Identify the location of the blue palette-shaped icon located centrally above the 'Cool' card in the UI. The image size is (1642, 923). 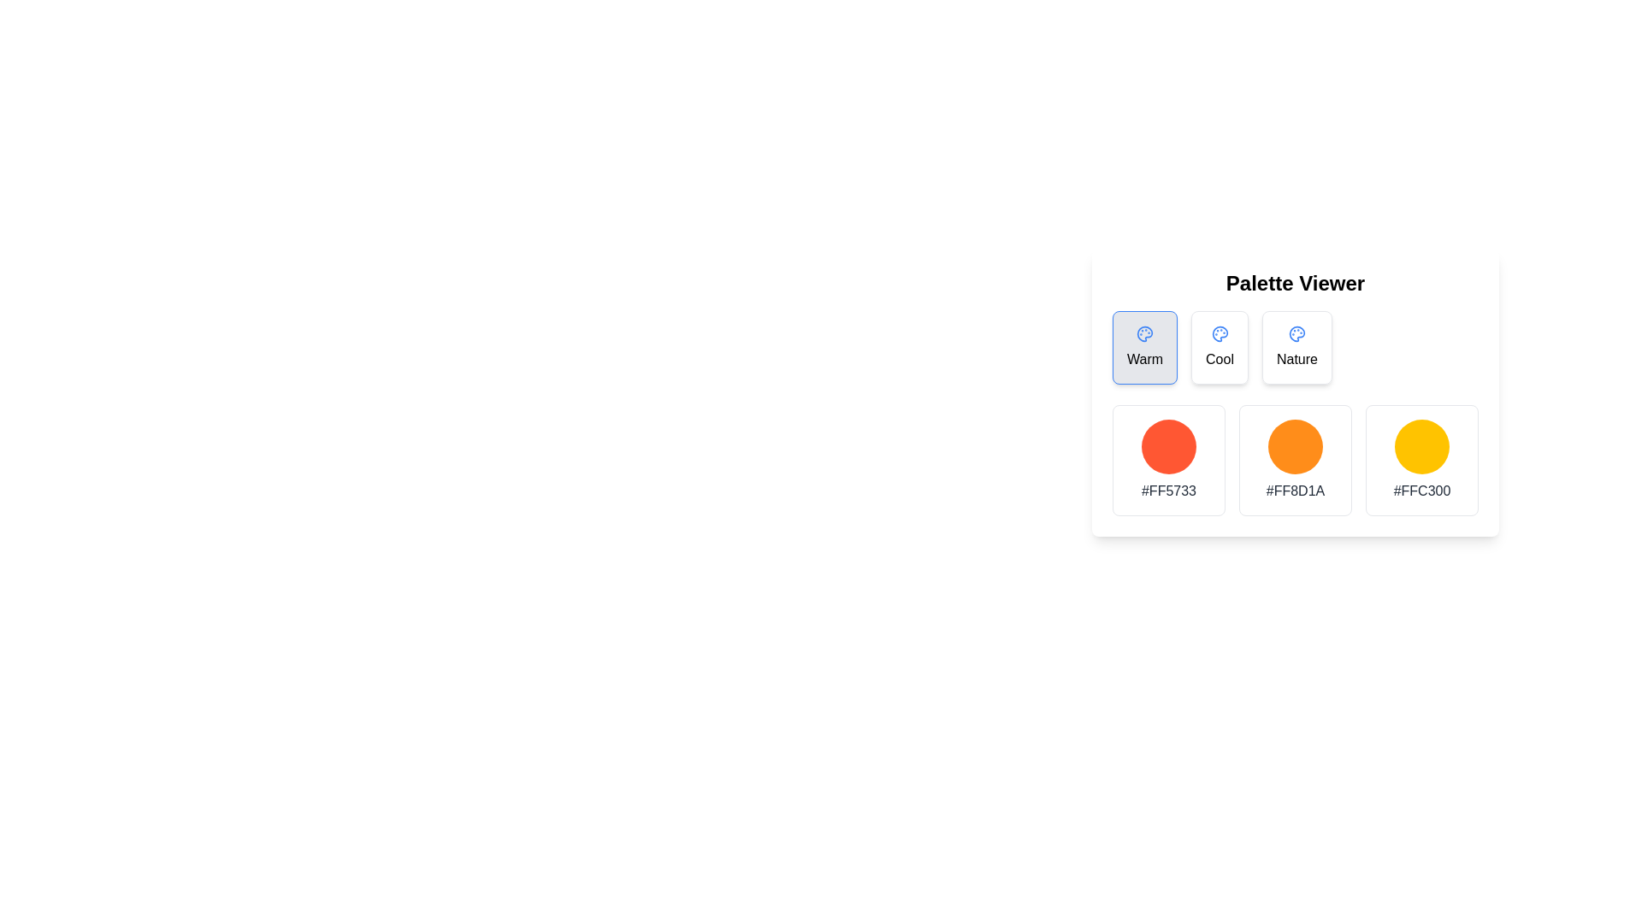
(1219, 333).